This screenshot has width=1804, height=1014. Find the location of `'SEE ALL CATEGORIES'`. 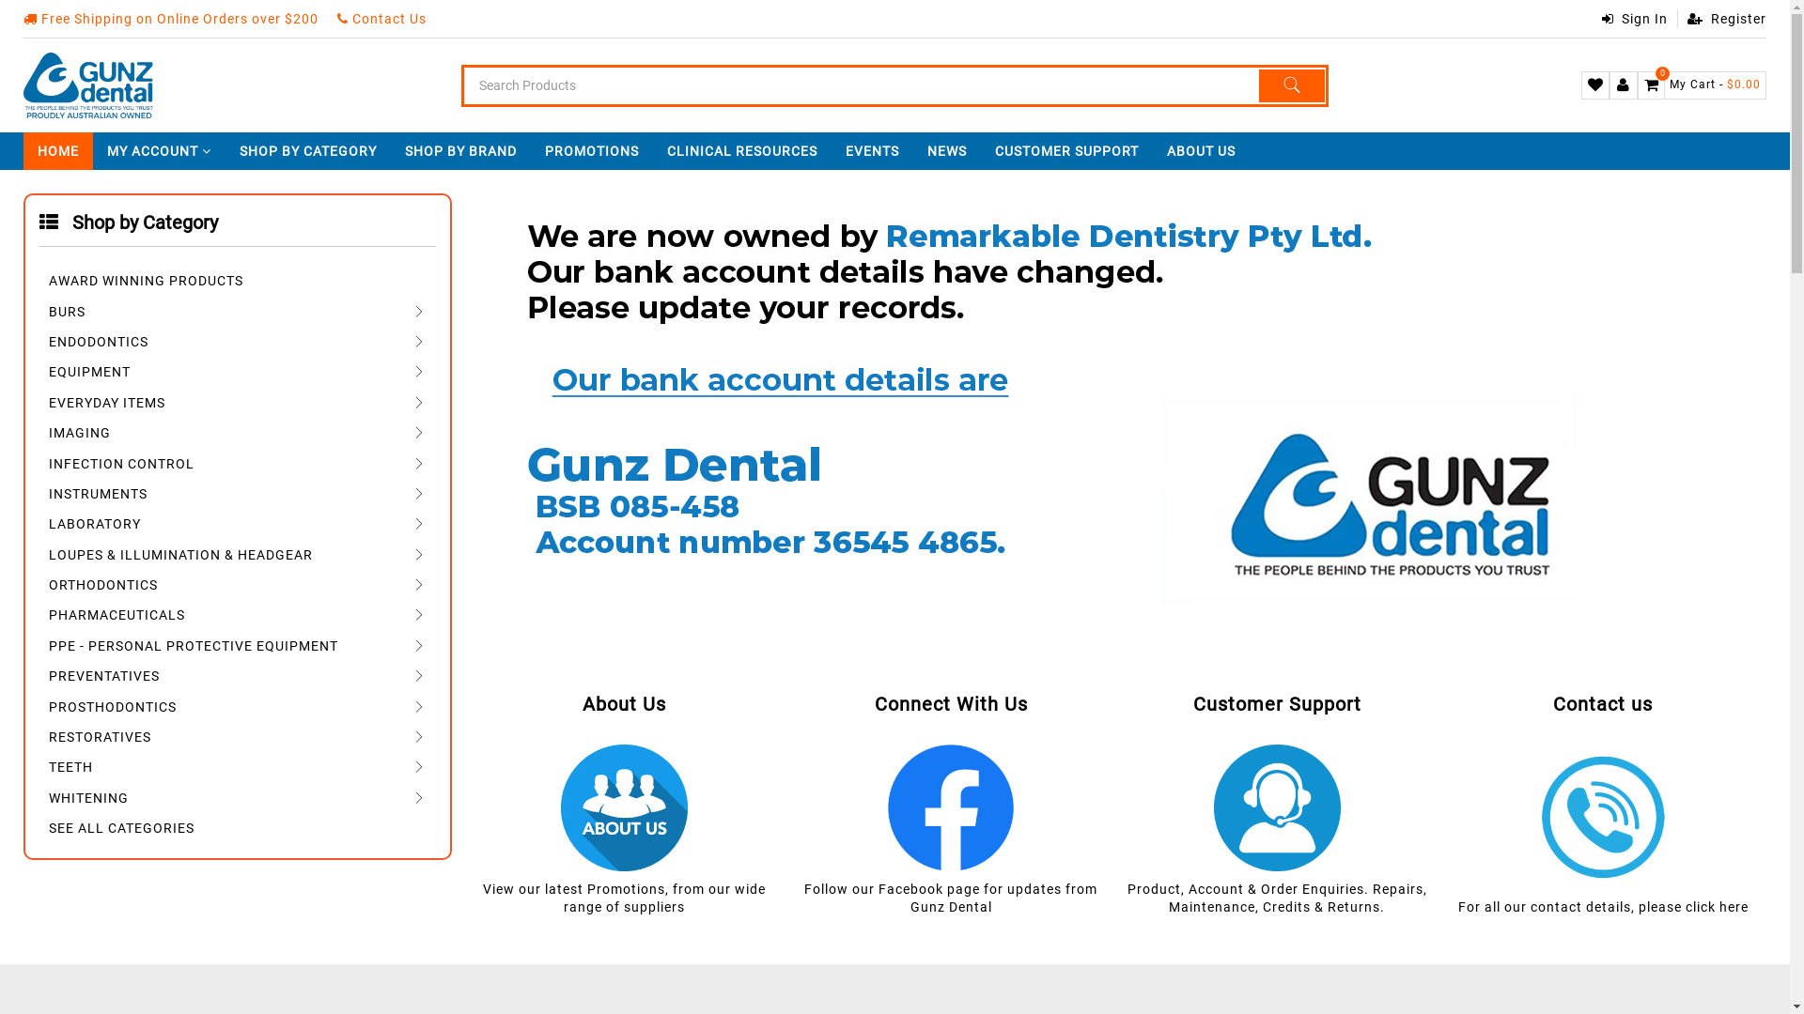

'SEE ALL CATEGORIES' is located at coordinates (237, 826).